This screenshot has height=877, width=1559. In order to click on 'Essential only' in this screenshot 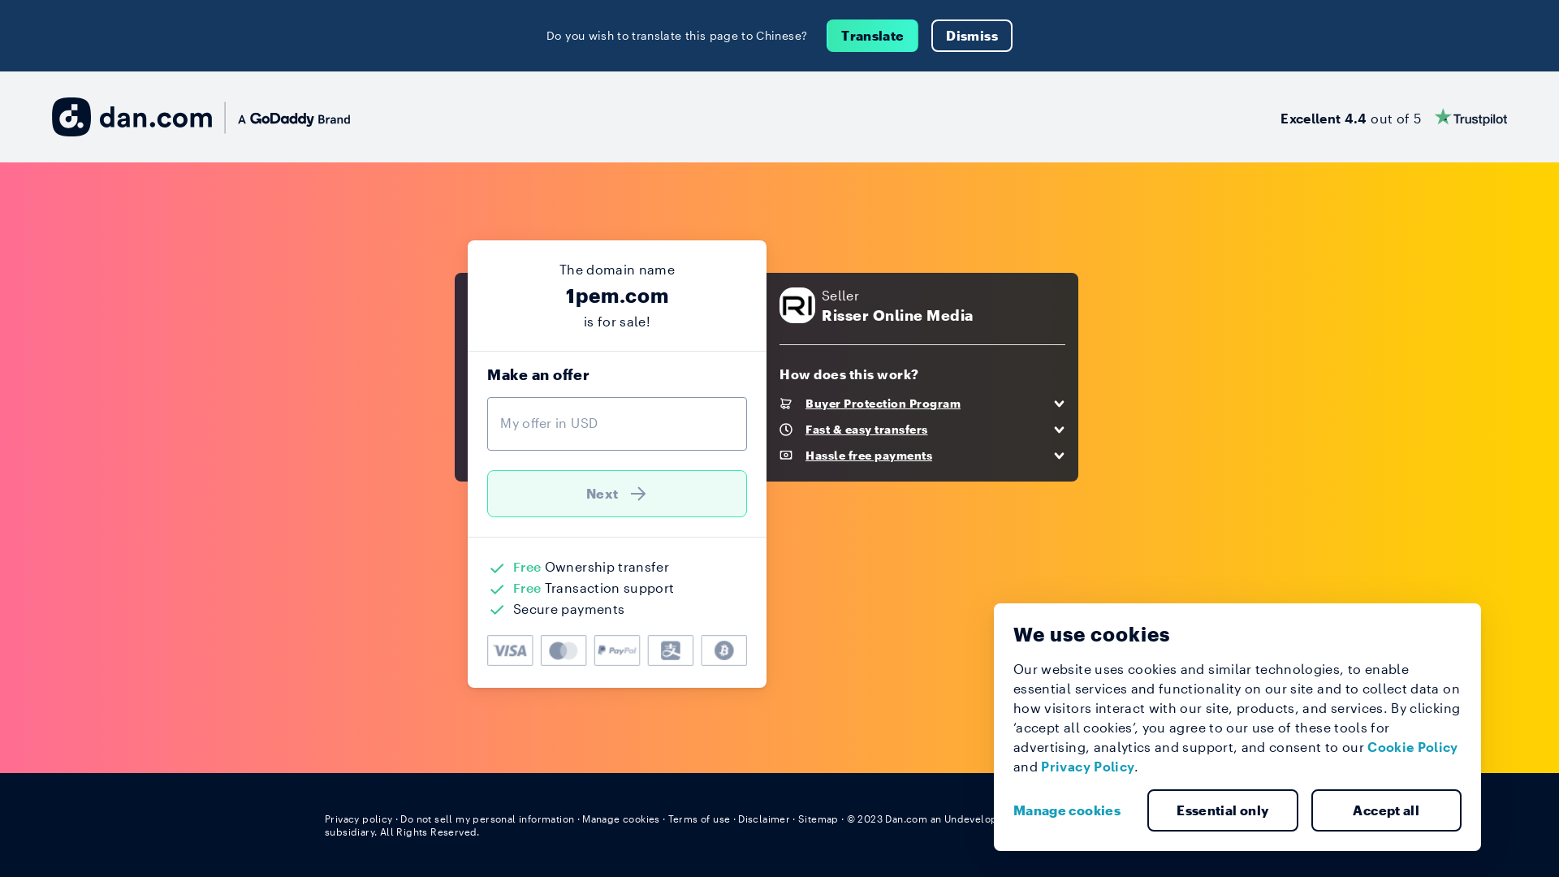, I will do `click(1223, 810)`.